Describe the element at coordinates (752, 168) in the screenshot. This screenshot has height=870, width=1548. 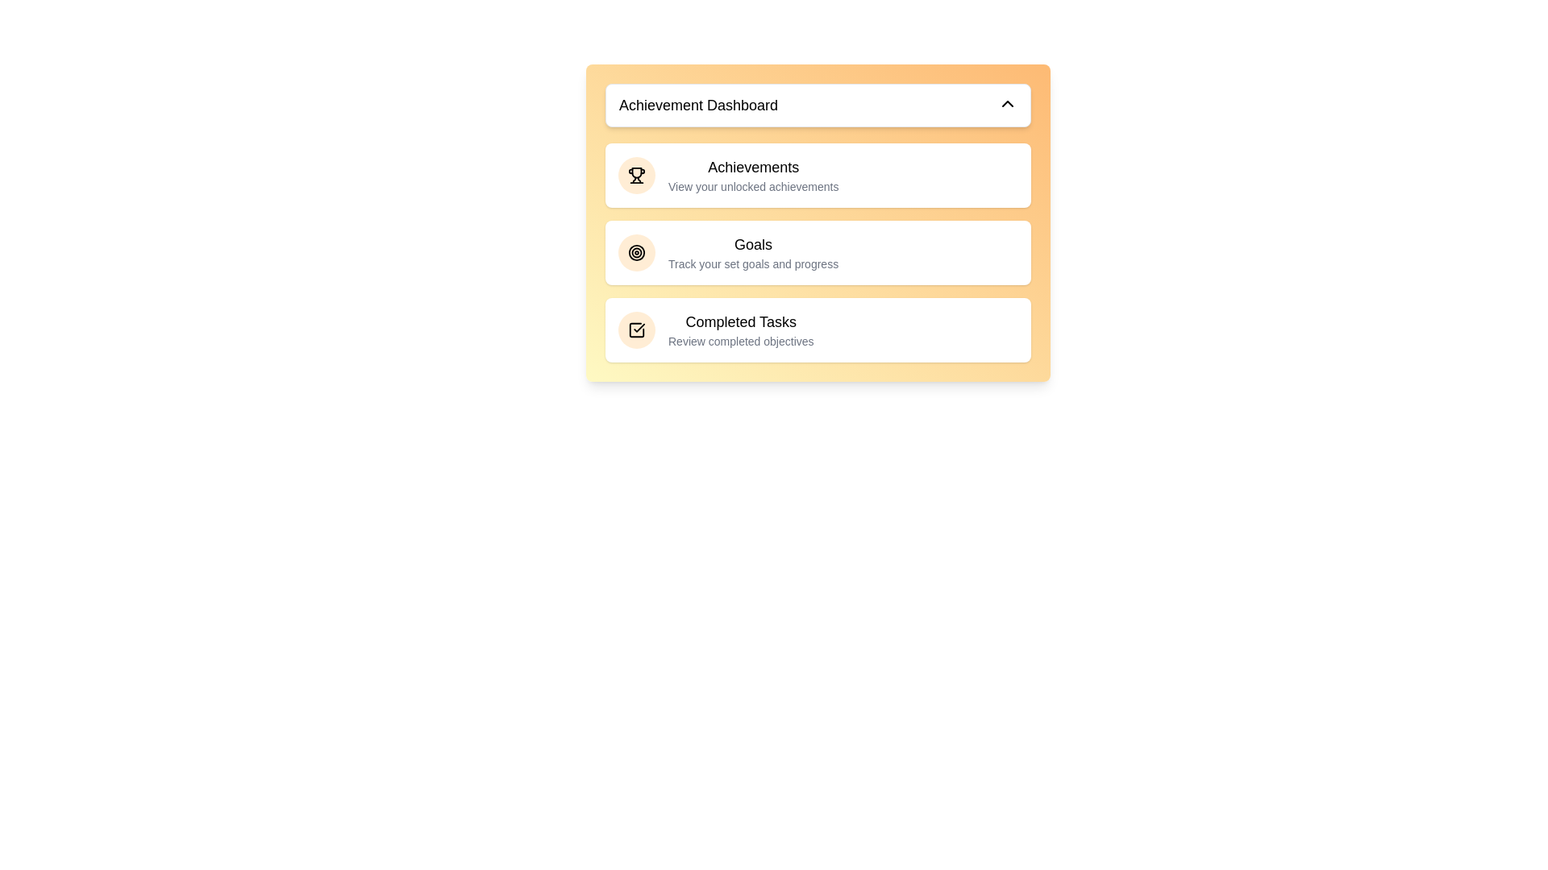
I see `the text 'Achievements' within the AchievementMenu` at that location.